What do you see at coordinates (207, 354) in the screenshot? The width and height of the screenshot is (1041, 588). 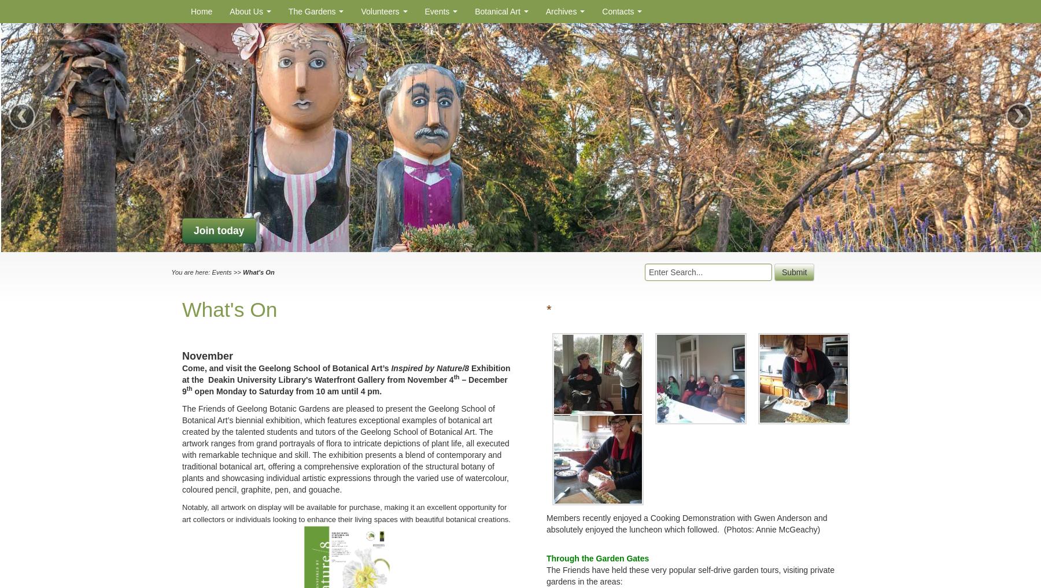 I see `'November'` at bounding box center [207, 354].